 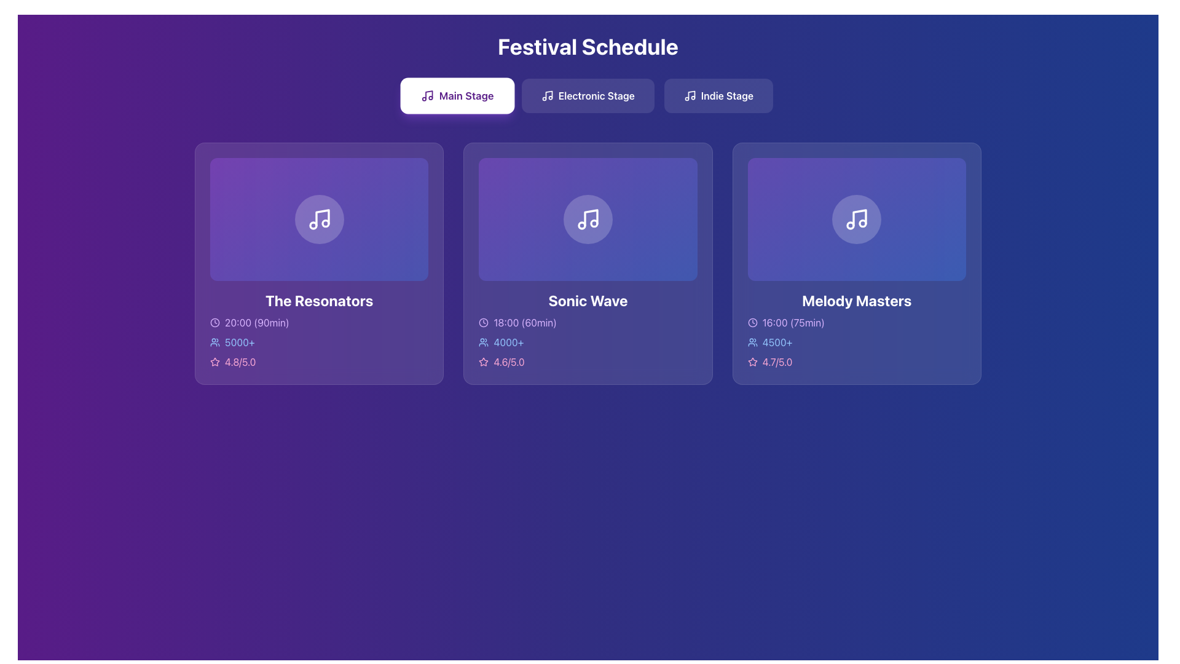 What do you see at coordinates (325, 223) in the screenshot?
I see `the small circular decorative shape located within the music note icon in the leftmost card titled 'The Resonators'` at bounding box center [325, 223].